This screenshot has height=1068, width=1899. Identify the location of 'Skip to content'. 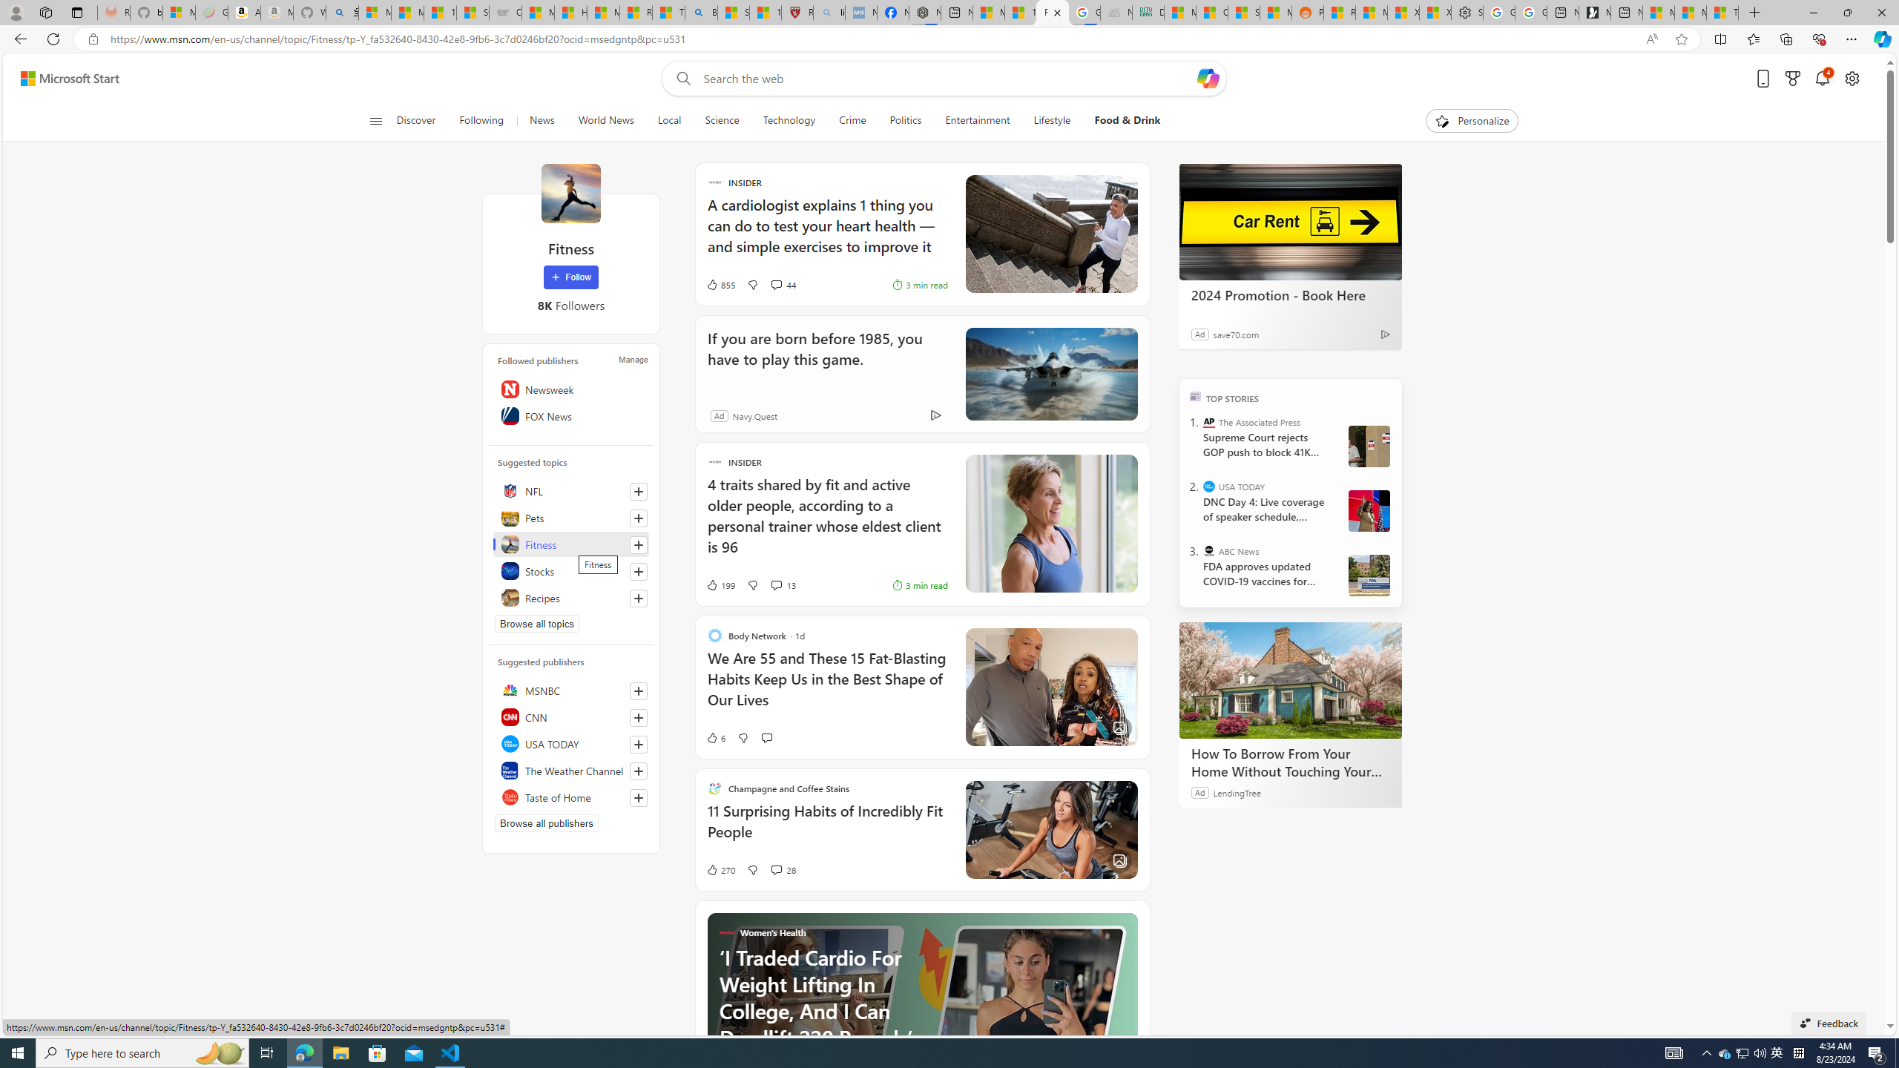
(64, 77).